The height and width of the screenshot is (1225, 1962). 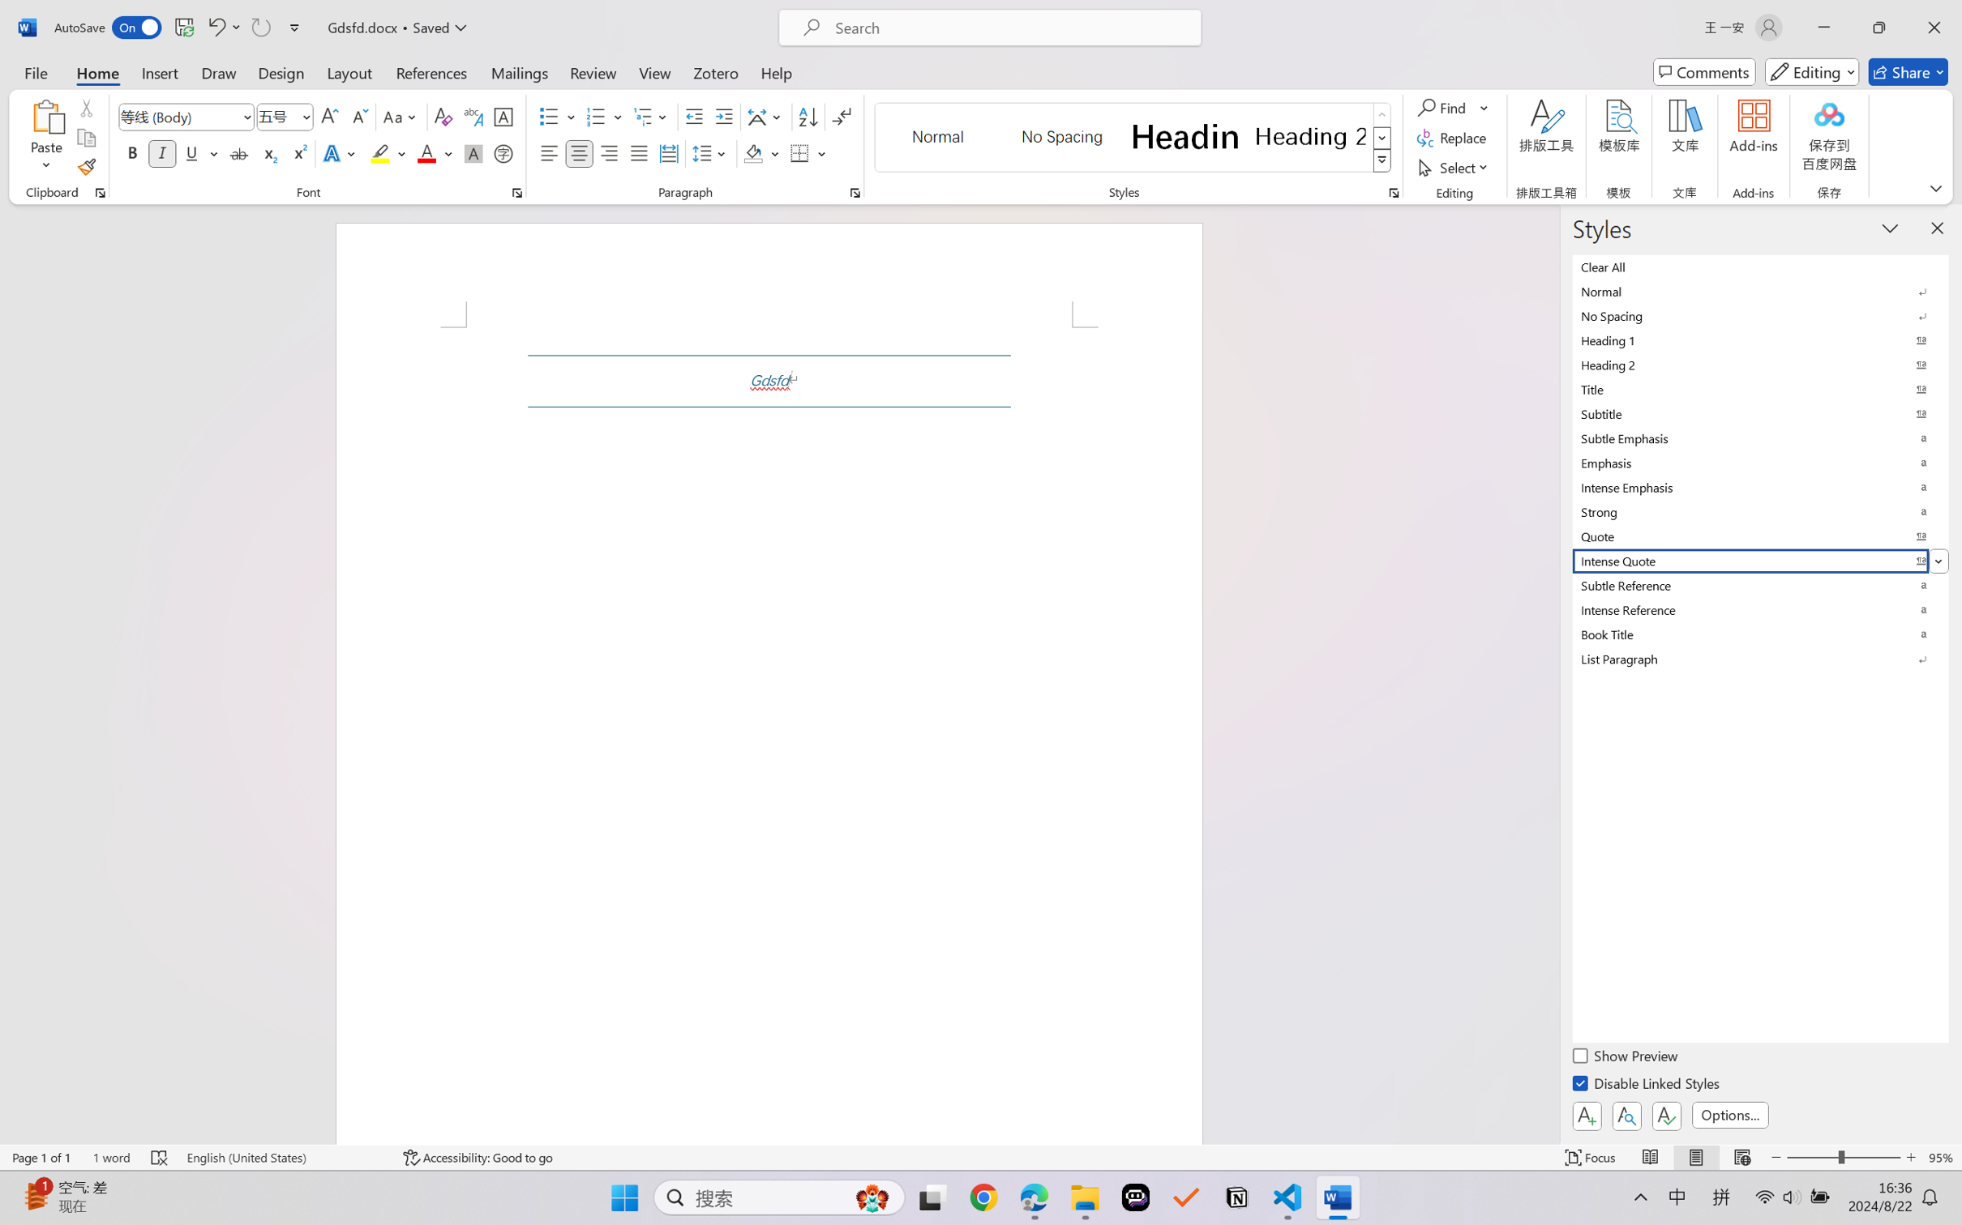 What do you see at coordinates (85, 106) in the screenshot?
I see `'Cut'` at bounding box center [85, 106].